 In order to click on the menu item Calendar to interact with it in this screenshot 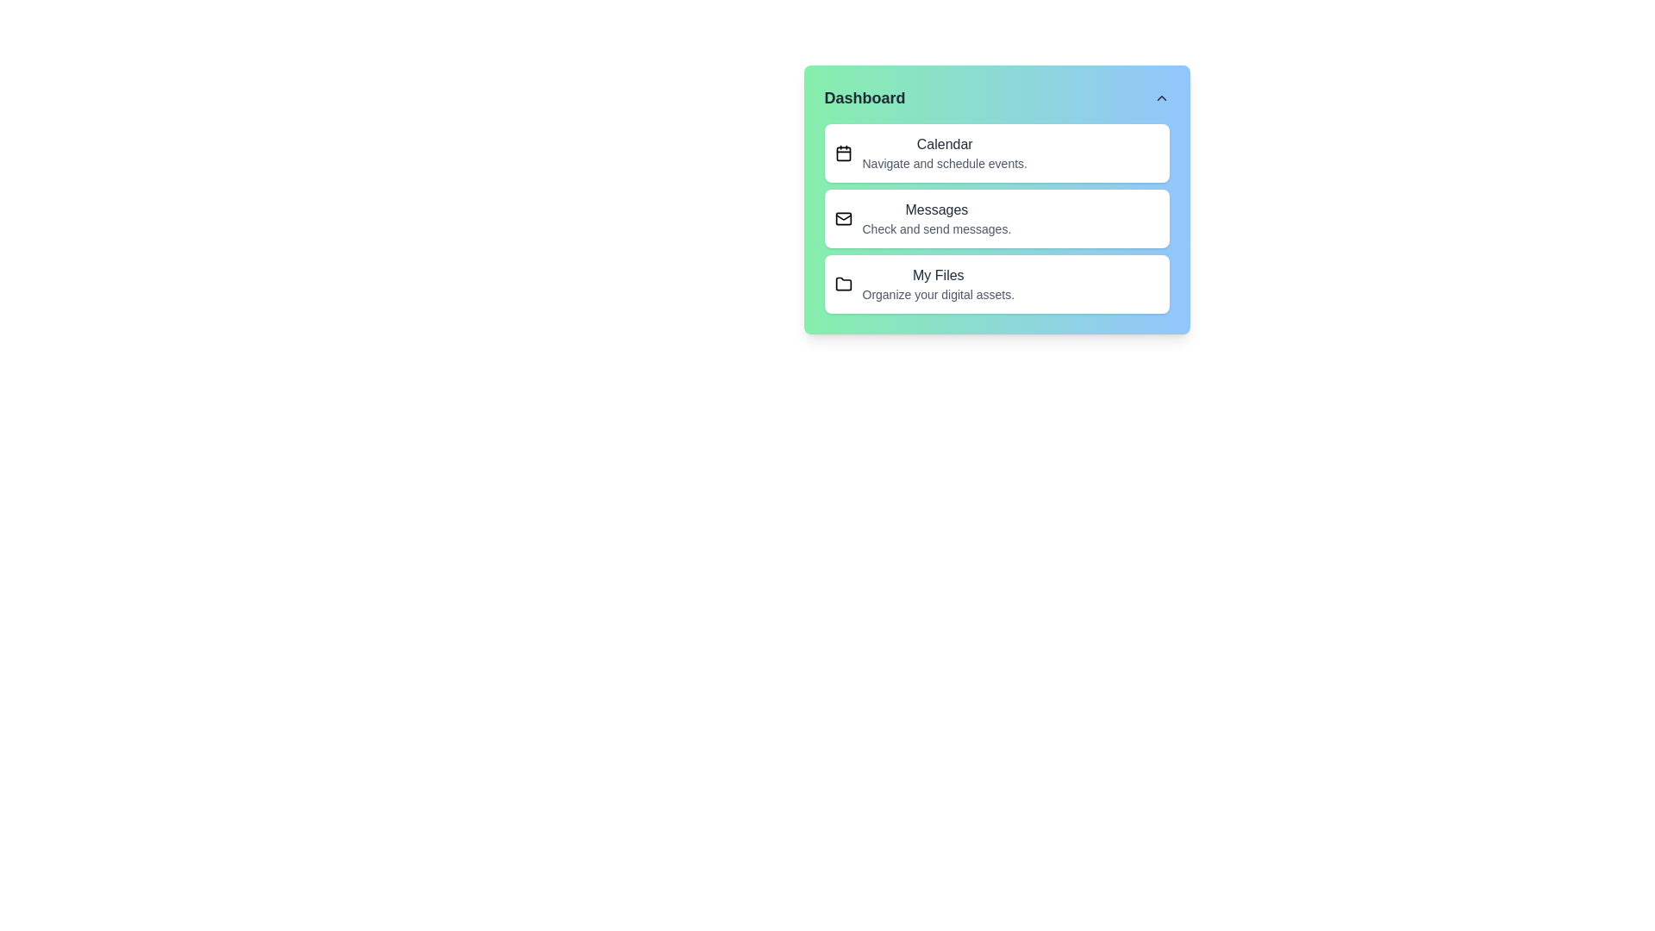, I will do `click(996, 152)`.